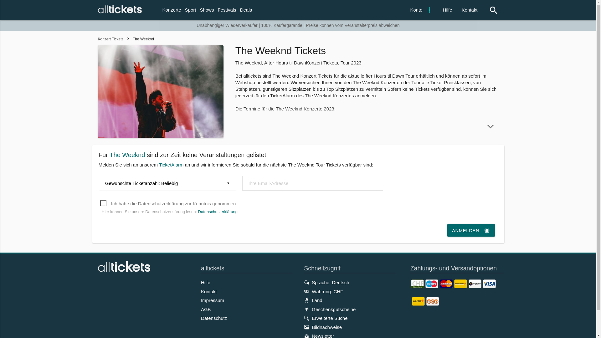 The width and height of the screenshot is (601, 338). Describe the element at coordinates (304, 318) in the screenshot. I see `'Erweiterte Suche'` at that location.